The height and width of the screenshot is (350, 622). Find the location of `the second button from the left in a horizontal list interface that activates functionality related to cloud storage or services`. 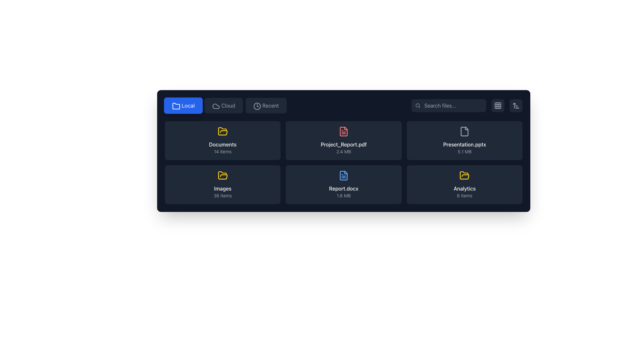

the second button from the left in a horizontal list interface that activates functionality related to cloud storage or services is located at coordinates (224, 105).